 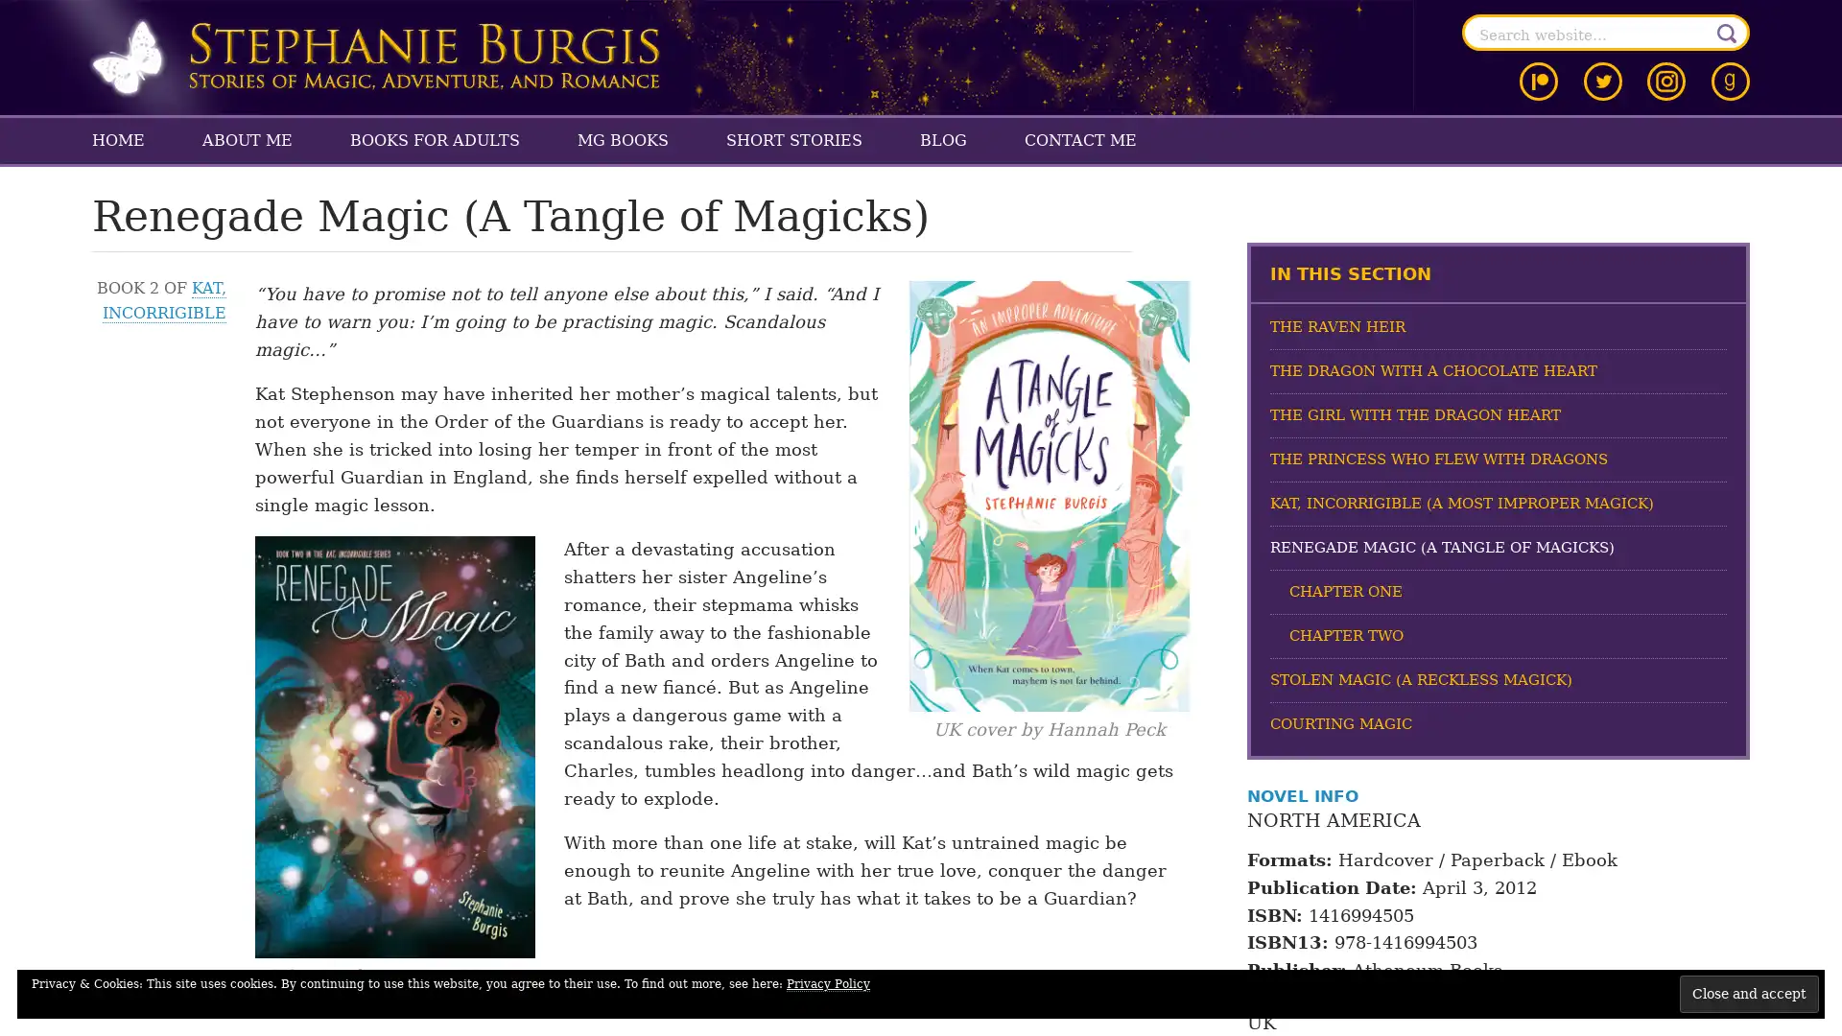 I want to click on Close and accept, so click(x=1749, y=993).